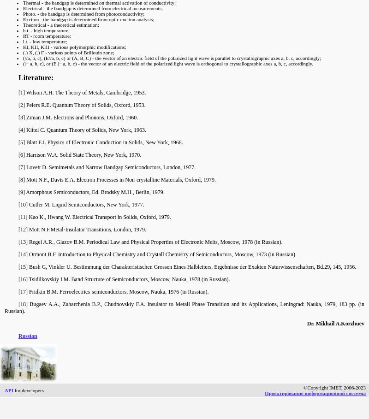  What do you see at coordinates (36, 77) in the screenshot?
I see `'Literature:'` at bounding box center [36, 77].